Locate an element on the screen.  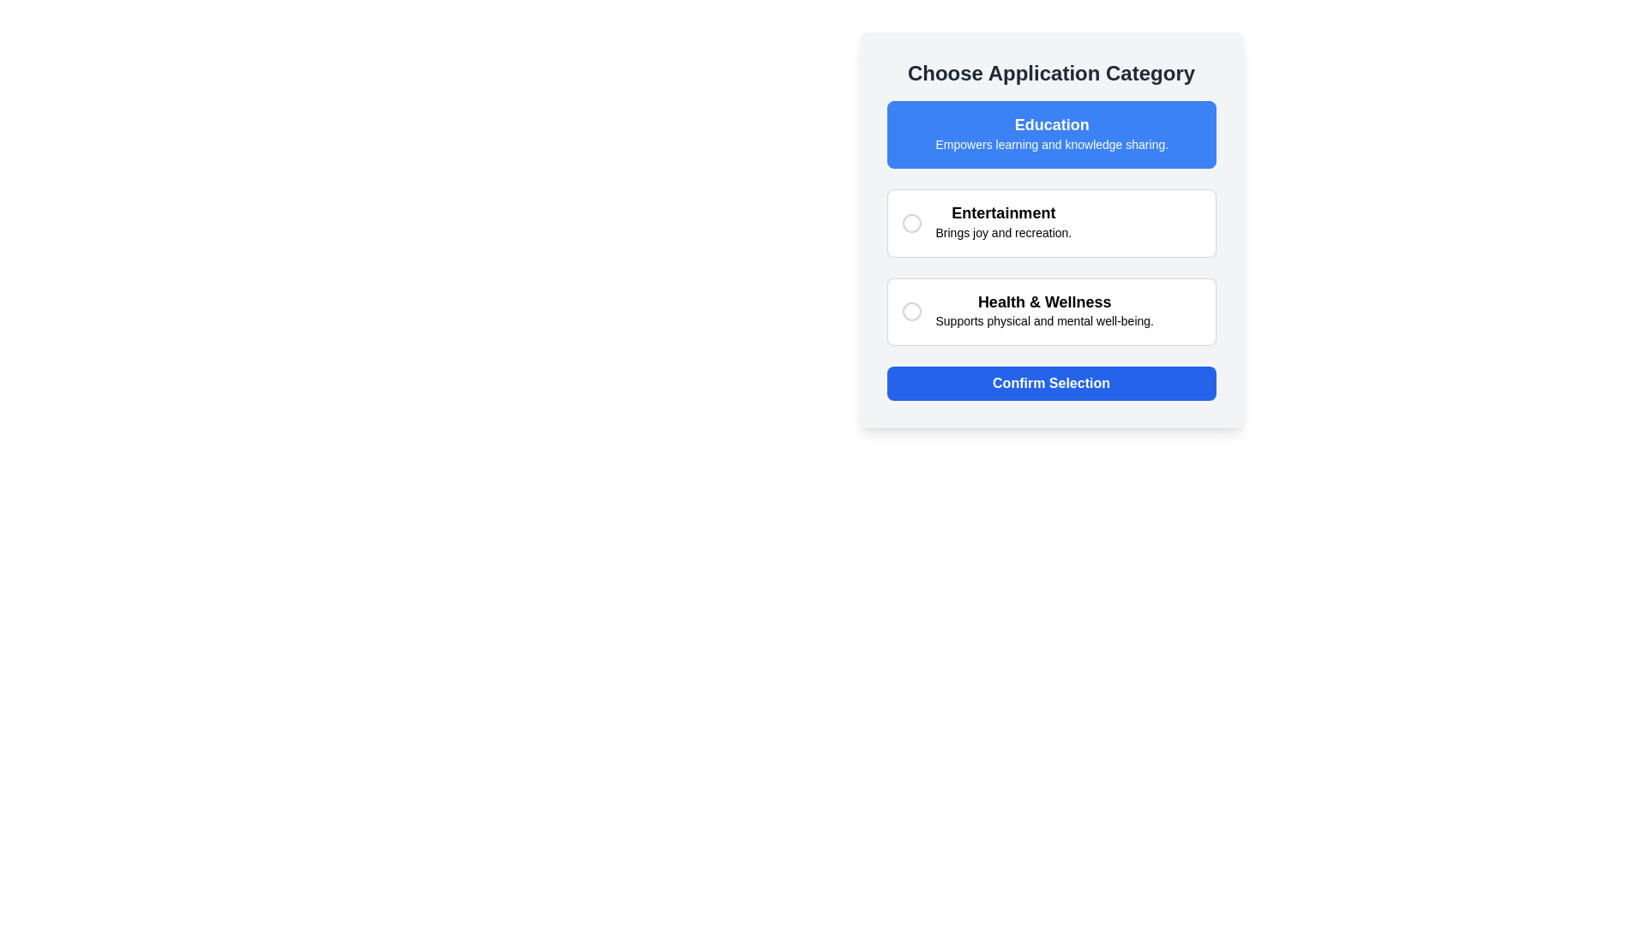
the text label that reads 'Brings joy and recreation.' positioned underneath the title 'Entertainment' within the bordered card layout is located at coordinates (1003, 233).